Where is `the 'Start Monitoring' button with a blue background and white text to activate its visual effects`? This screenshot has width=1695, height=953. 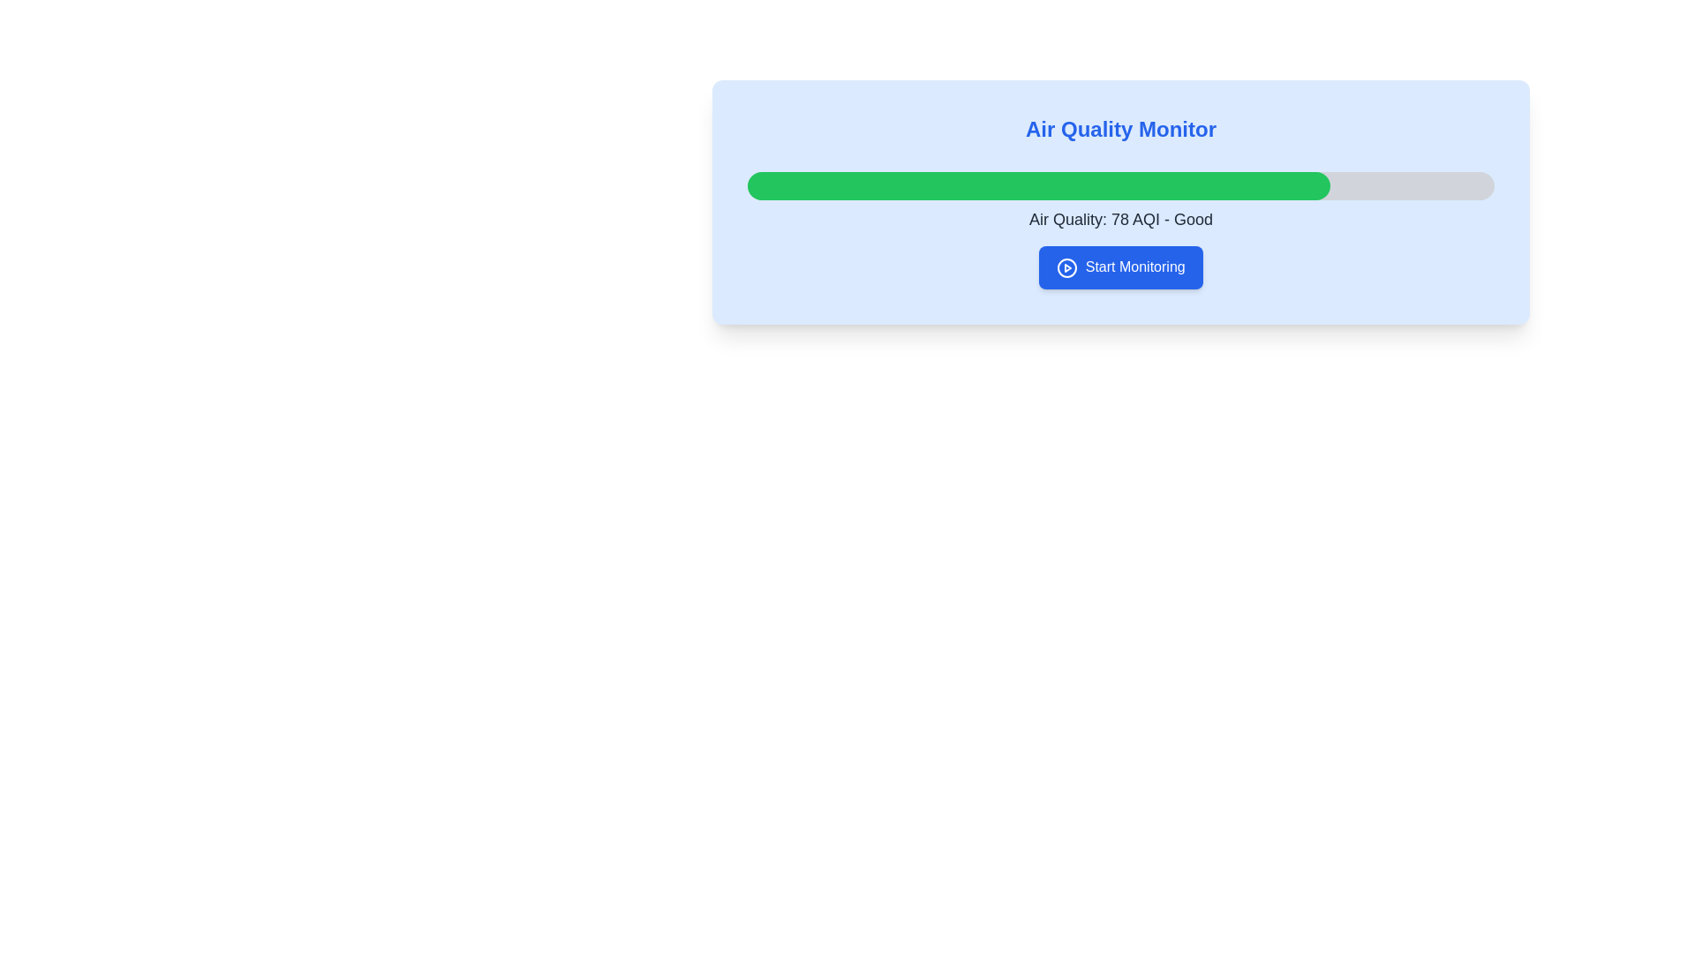 the 'Start Monitoring' button with a blue background and white text to activate its visual effects is located at coordinates (1120, 267).